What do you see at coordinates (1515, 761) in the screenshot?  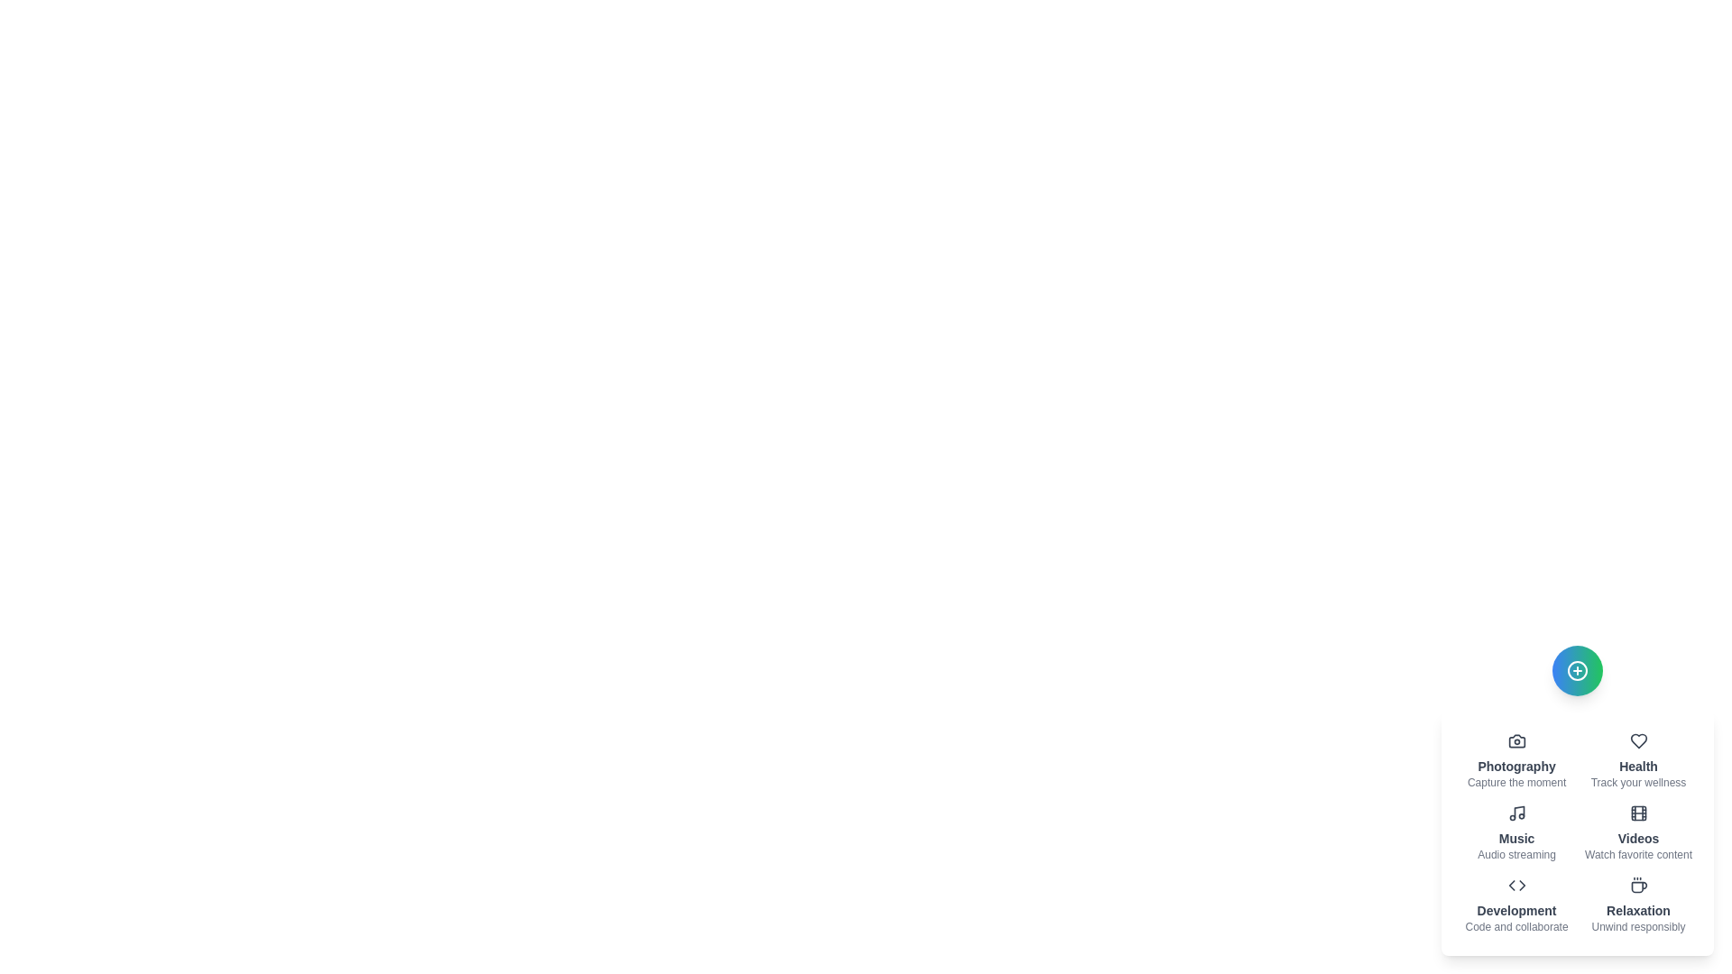 I see `the Photography action item to activate its feature` at bounding box center [1515, 761].